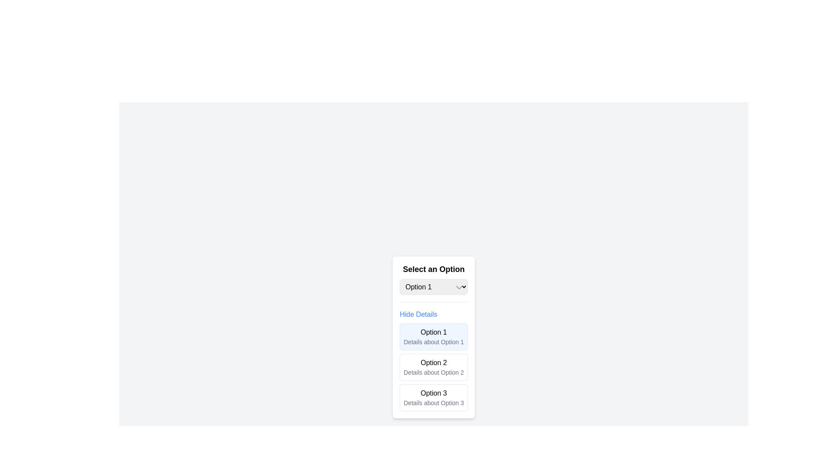 This screenshot has width=835, height=470. Describe the element at coordinates (434, 337) in the screenshot. I see `the informational card for 'Option 1'` at that location.